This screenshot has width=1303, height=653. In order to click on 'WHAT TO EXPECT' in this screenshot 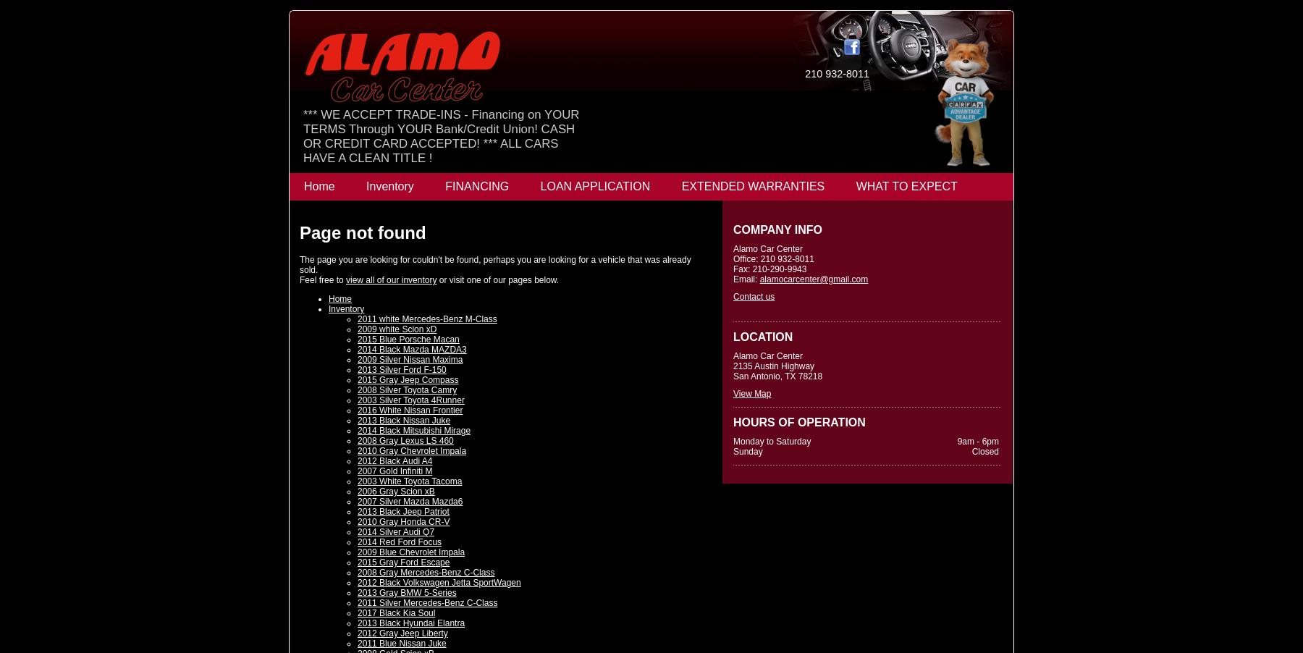, I will do `click(855, 186)`.